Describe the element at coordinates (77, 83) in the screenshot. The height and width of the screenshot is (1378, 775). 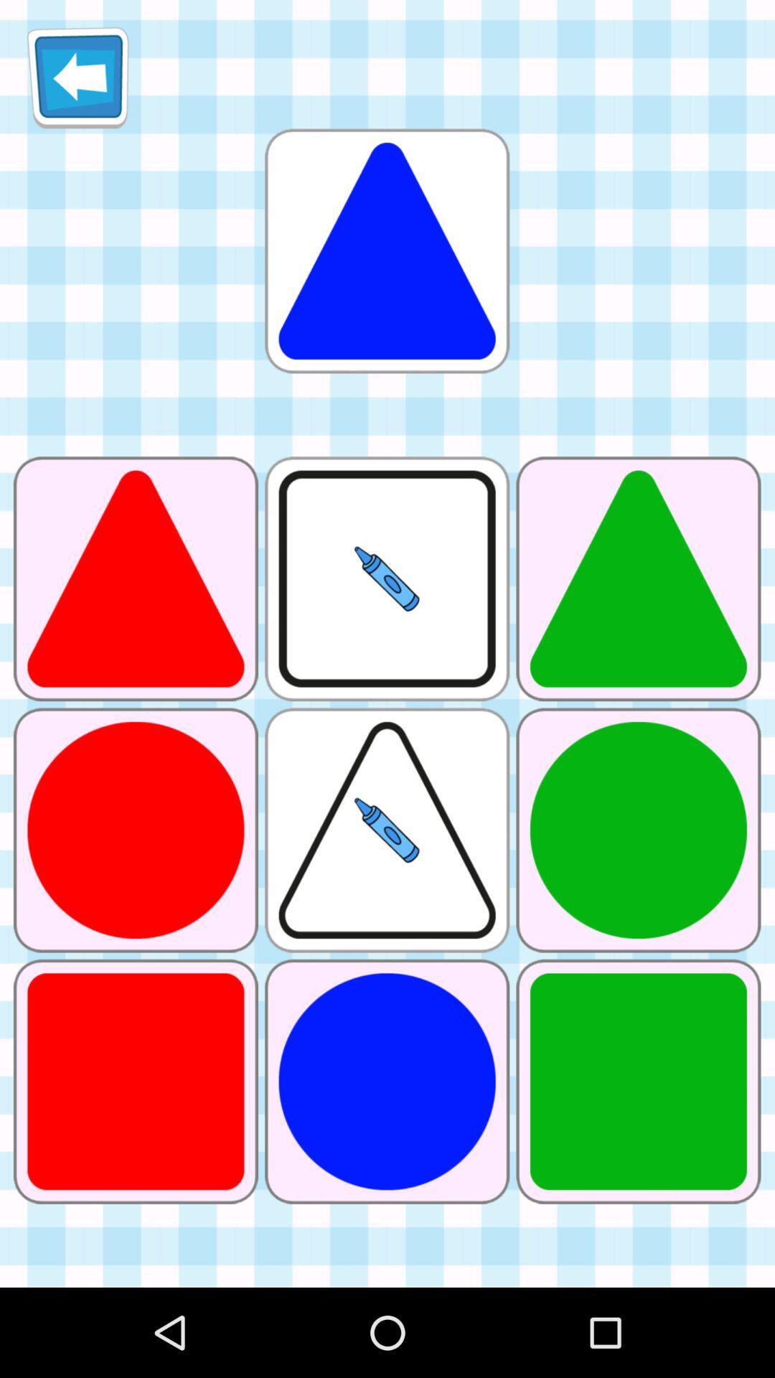
I see `the arrow_backward icon` at that location.